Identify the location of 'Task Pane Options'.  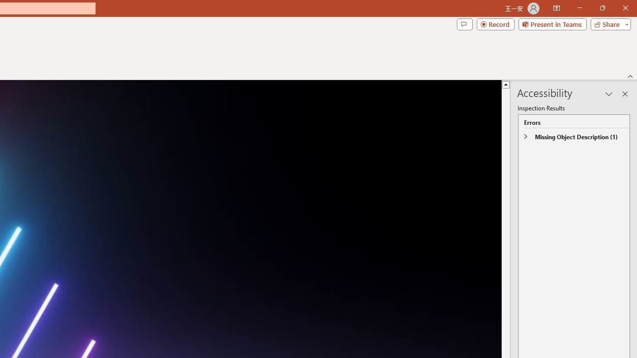
(609, 94).